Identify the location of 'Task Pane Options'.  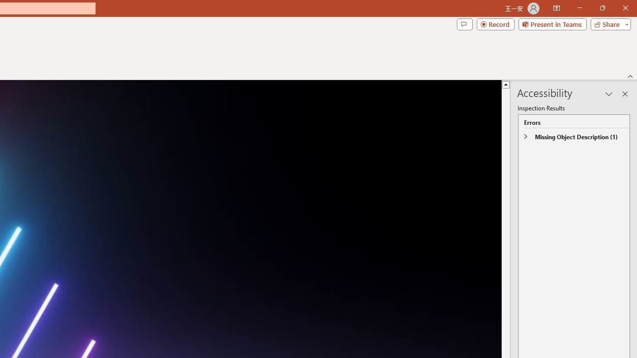
(609, 94).